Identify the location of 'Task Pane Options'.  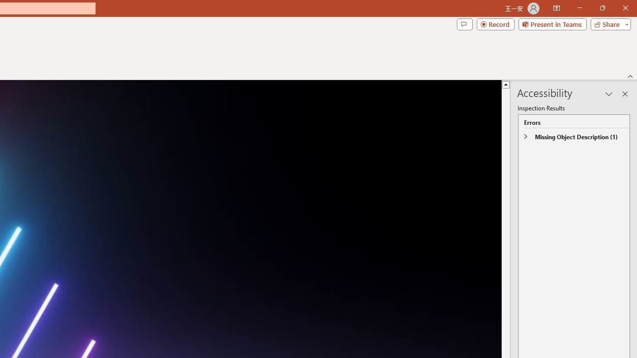
(609, 94).